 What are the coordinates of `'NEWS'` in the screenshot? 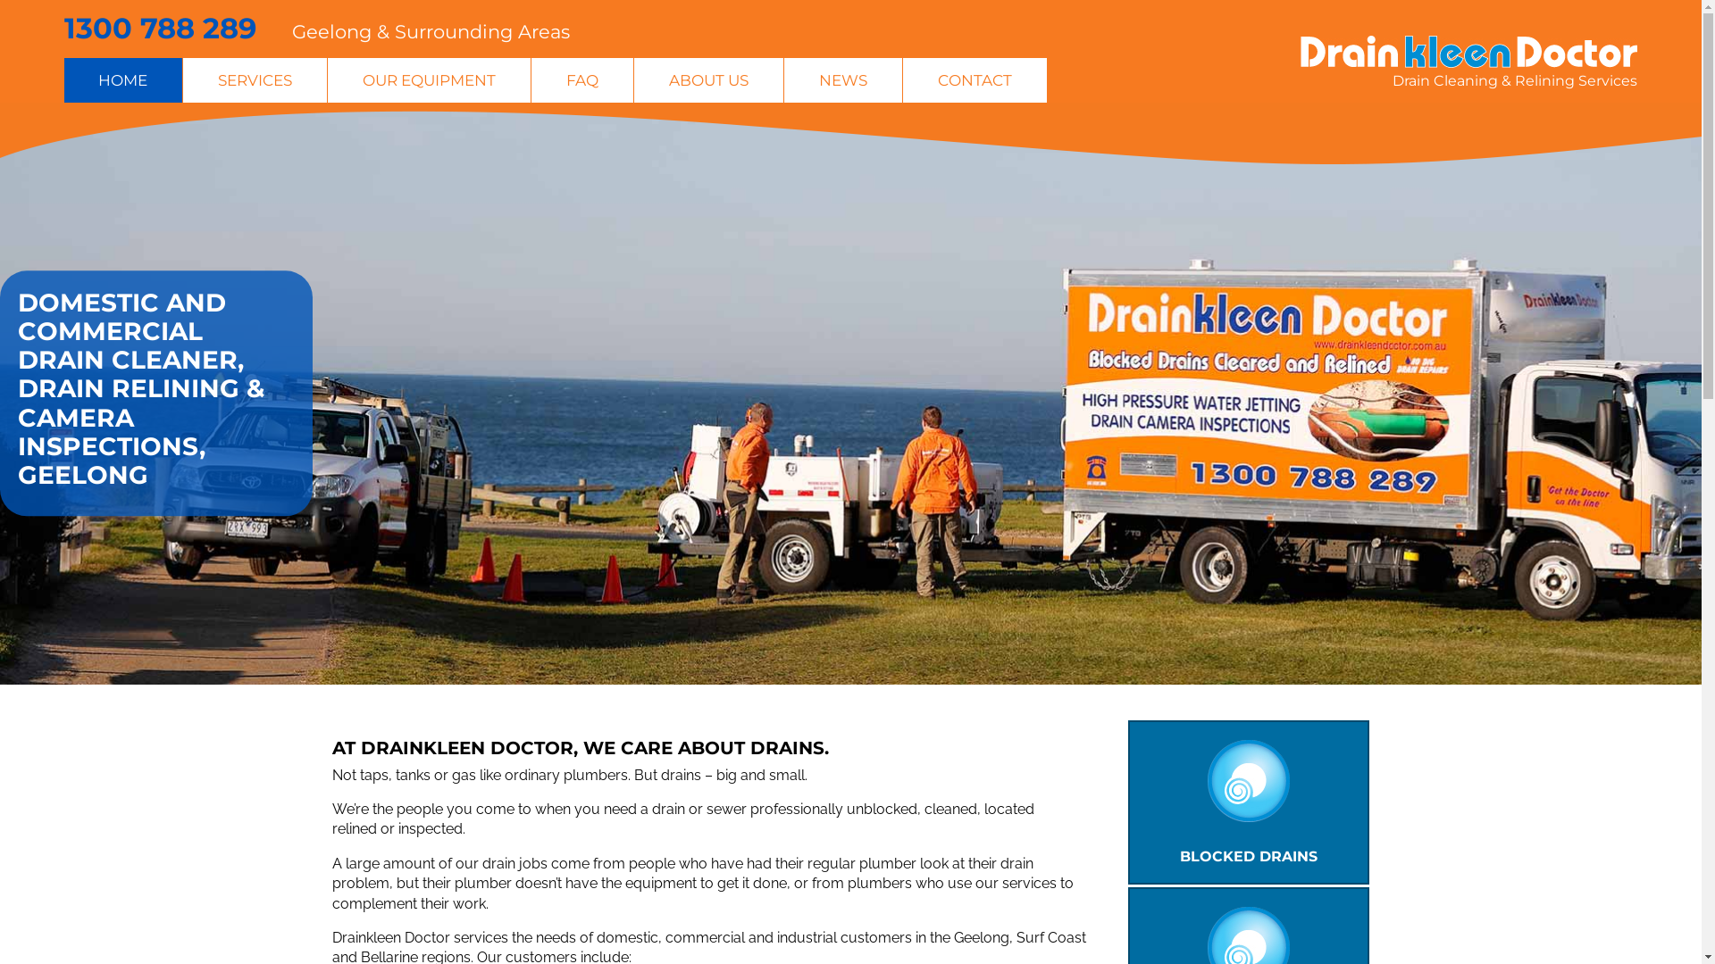 It's located at (784, 79).